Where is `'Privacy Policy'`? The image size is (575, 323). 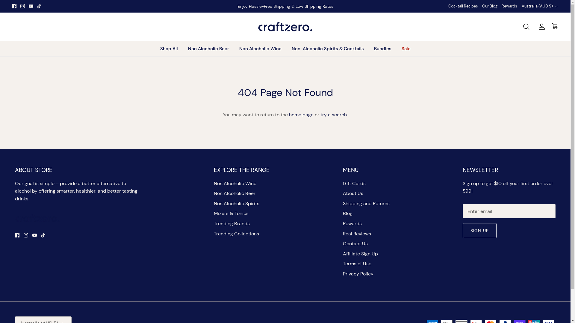
'Privacy Policy' is located at coordinates (358, 274).